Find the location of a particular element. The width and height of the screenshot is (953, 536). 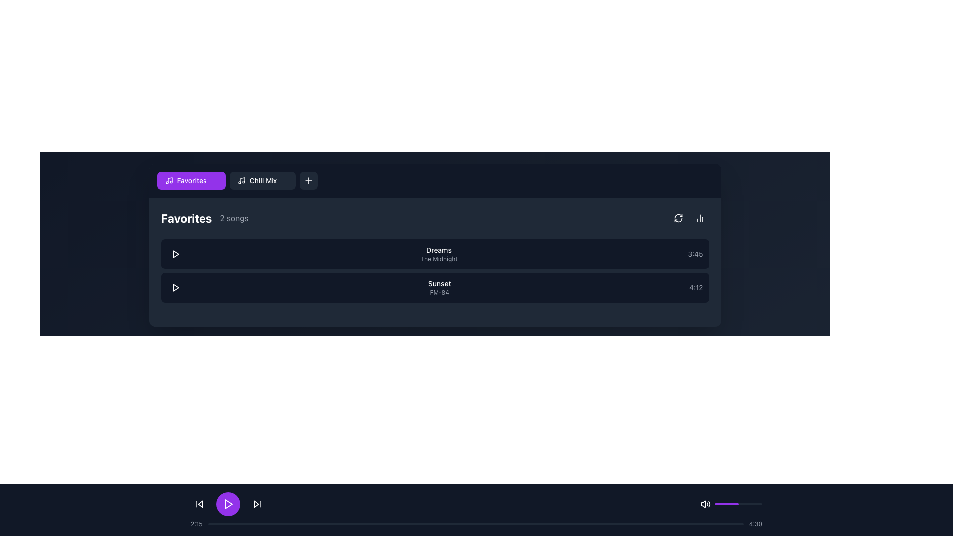

the playback position is located at coordinates (430, 524).